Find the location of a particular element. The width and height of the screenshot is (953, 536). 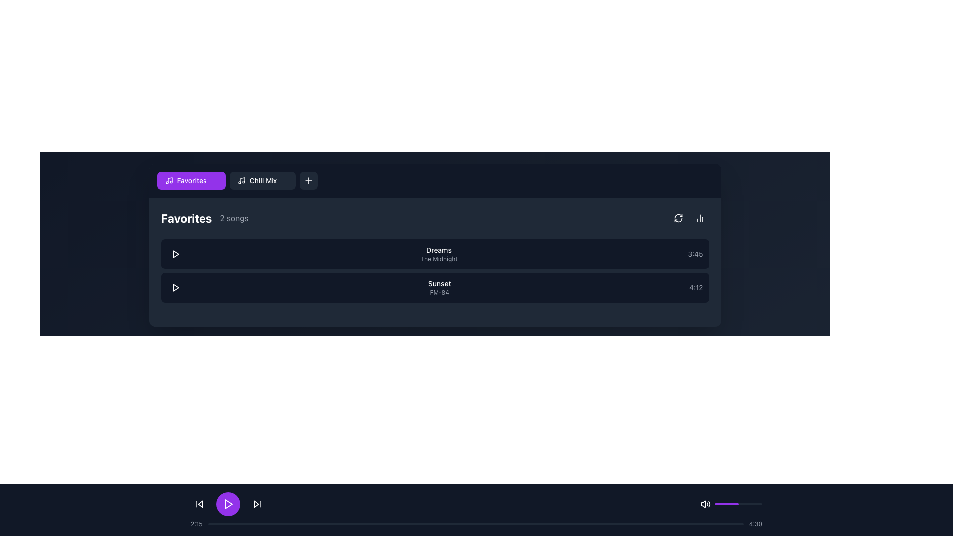

the playback position is located at coordinates (430, 524).